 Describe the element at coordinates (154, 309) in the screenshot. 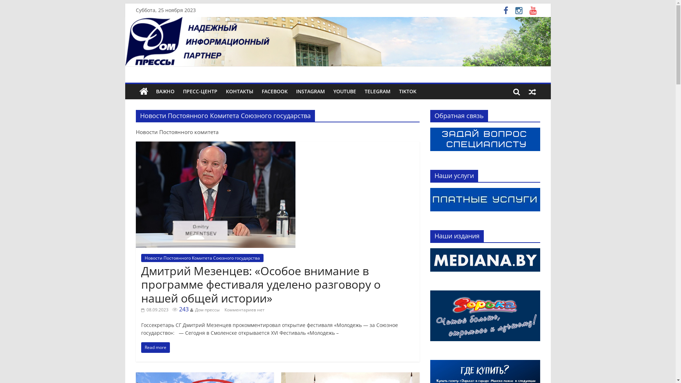

I see `'08.09.2023'` at that location.